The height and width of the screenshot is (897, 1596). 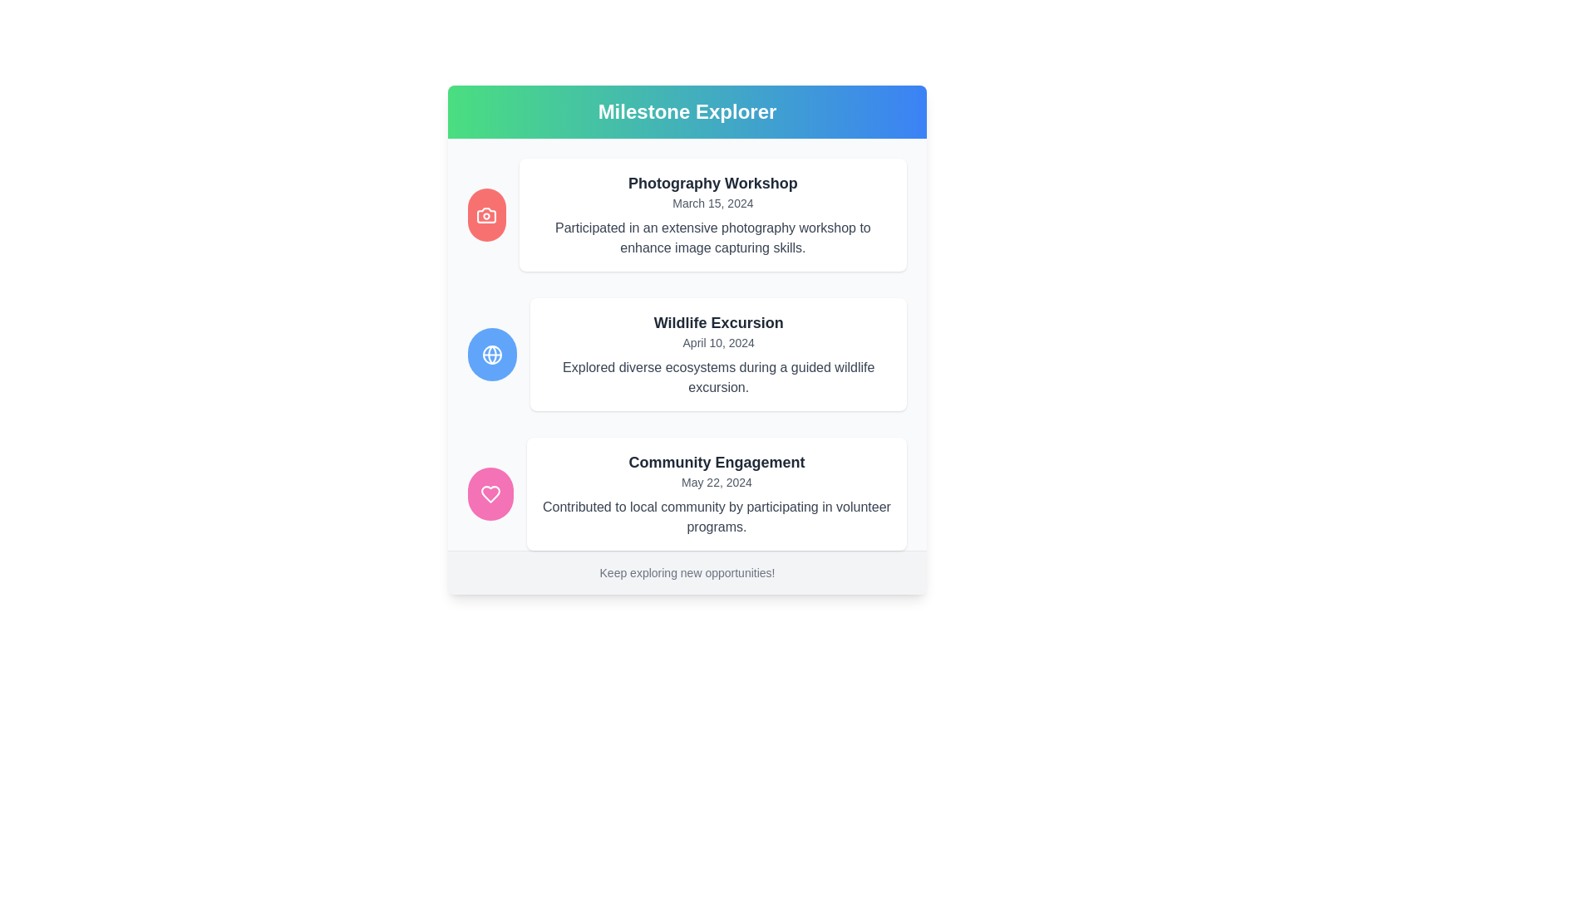 What do you see at coordinates (485, 213) in the screenshot?
I see `the circular icon with a red background and white camera symbol` at bounding box center [485, 213].